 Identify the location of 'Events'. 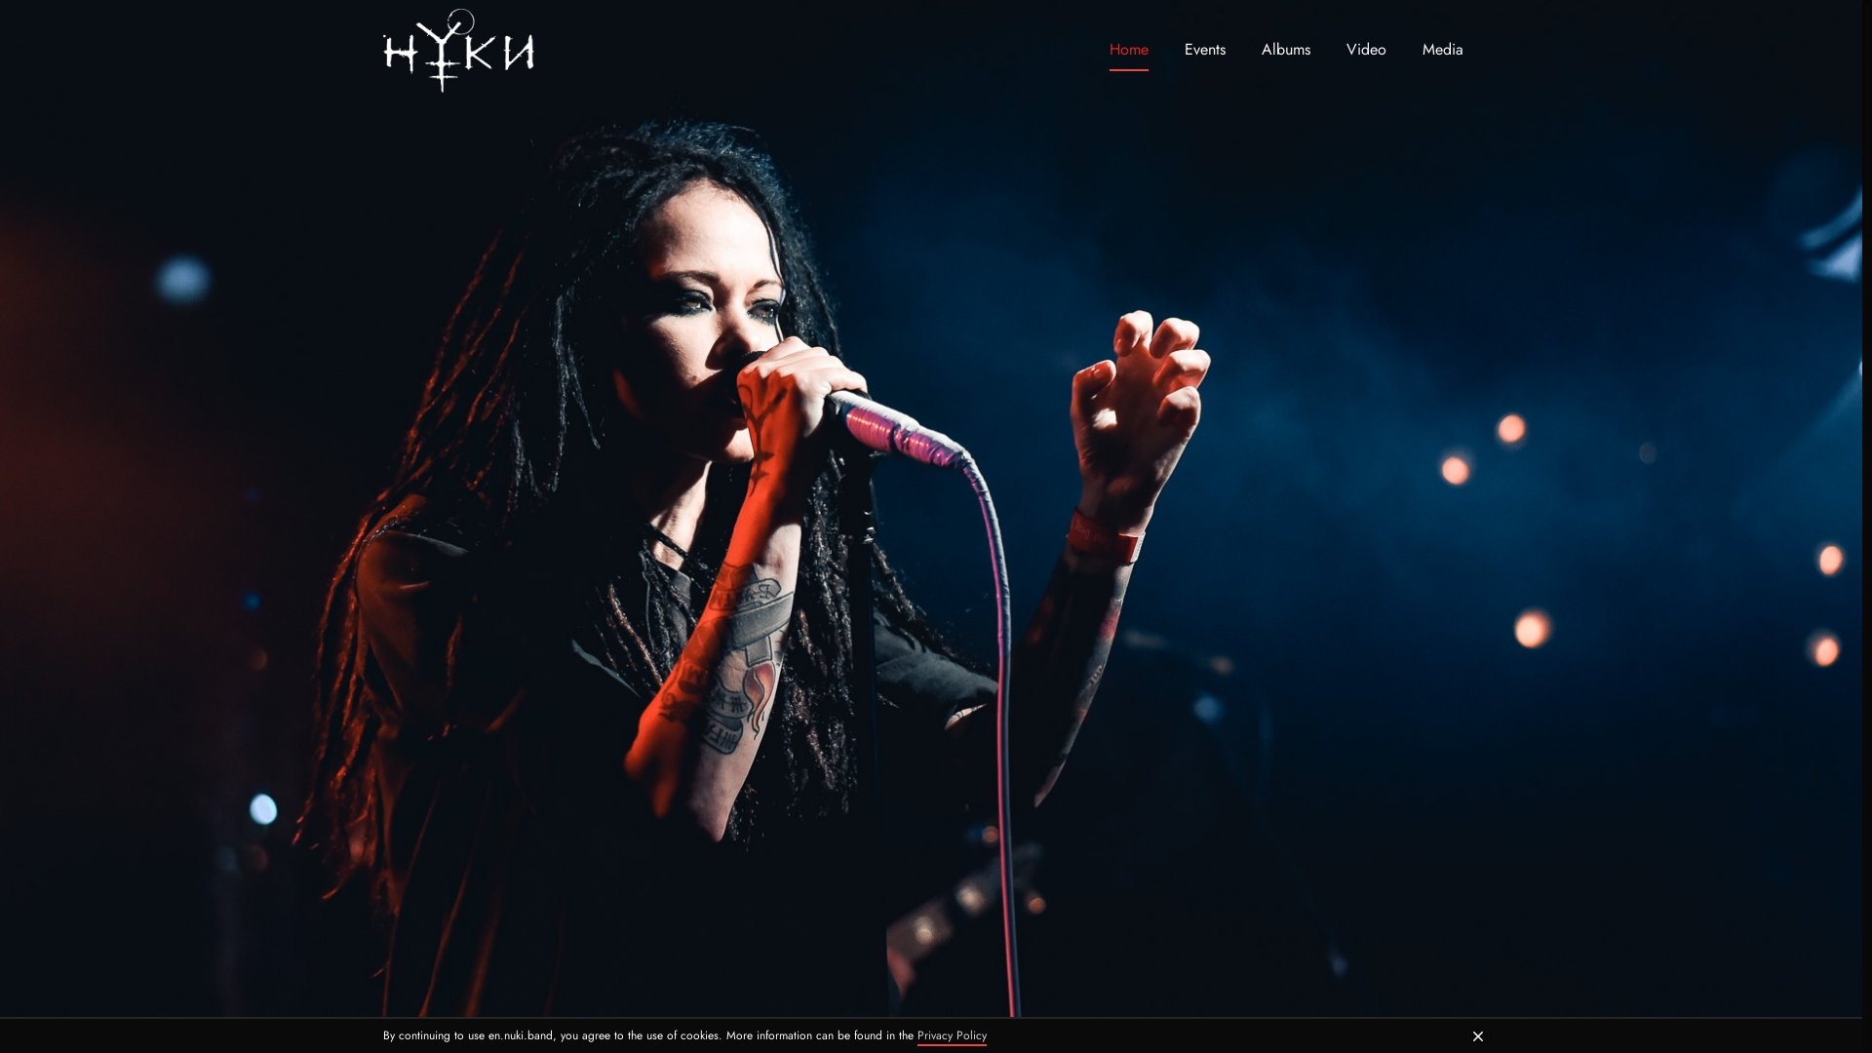
(1204, 49).